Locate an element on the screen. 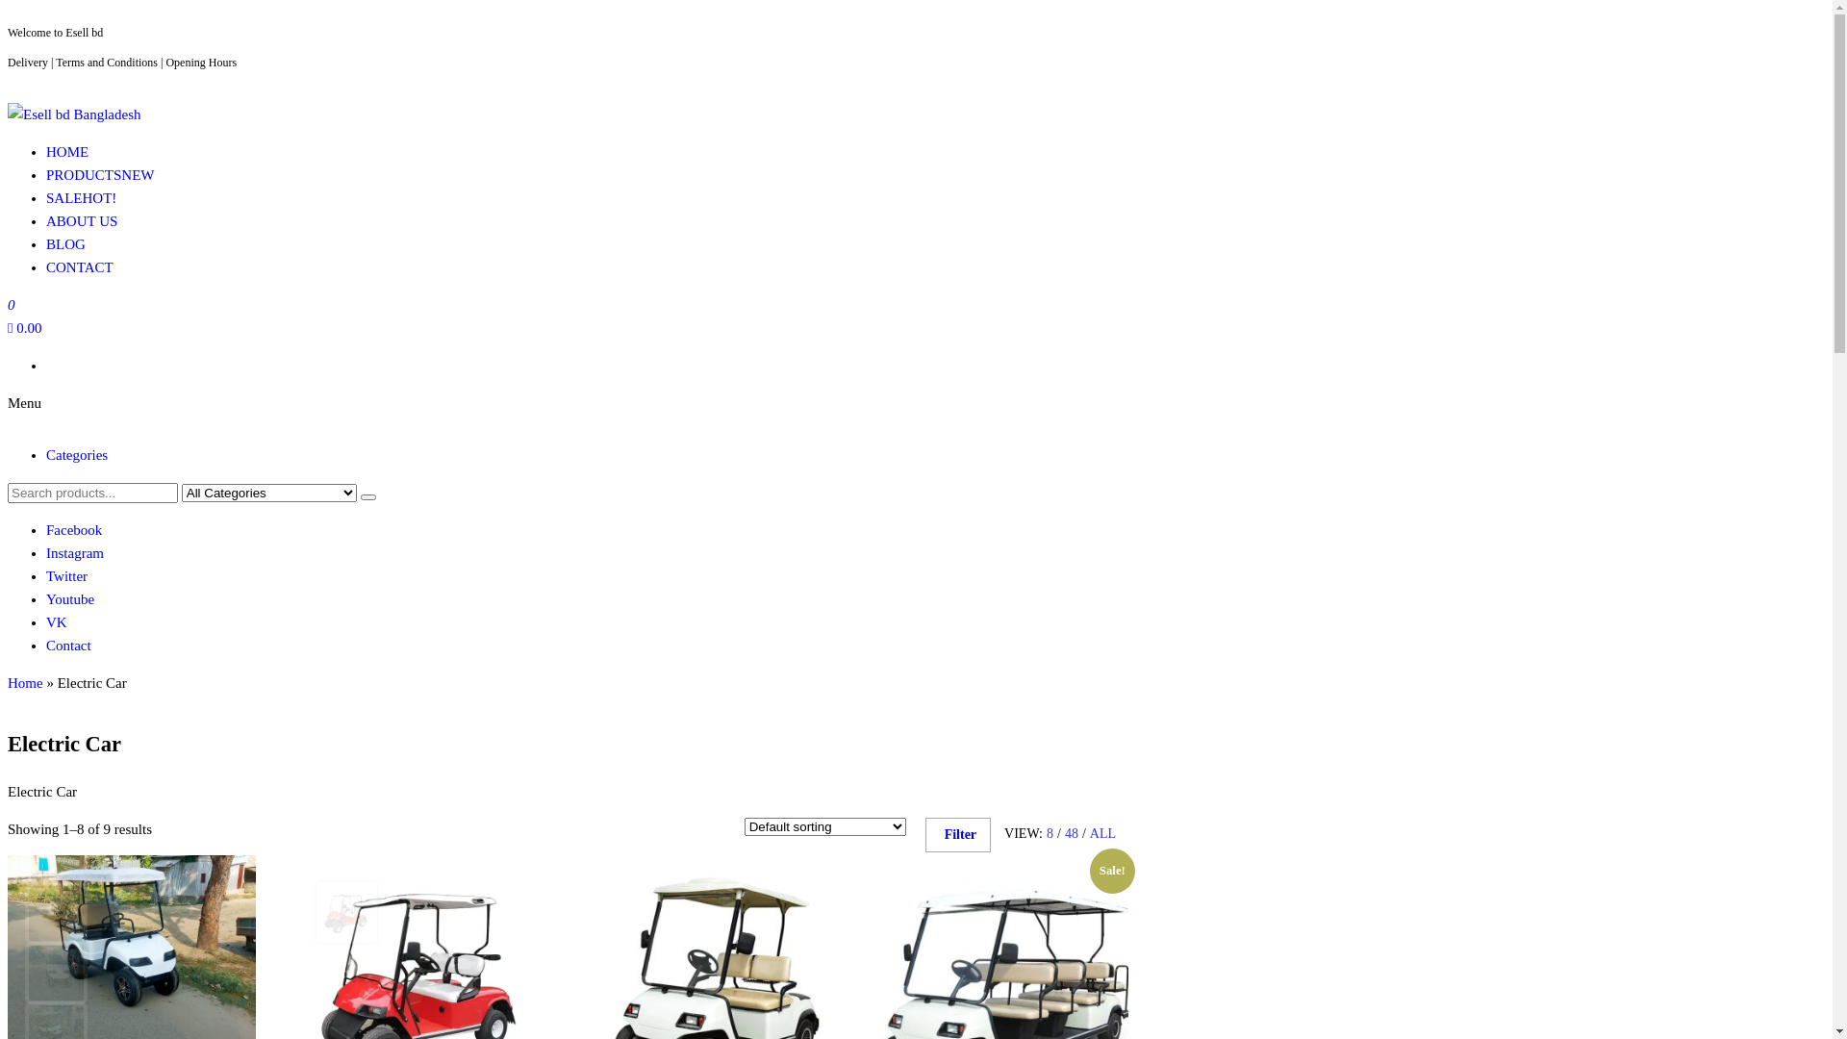 This screenshot has height=1039, width=1847. 'Skip to the content' is located at coordinates (7, 7).